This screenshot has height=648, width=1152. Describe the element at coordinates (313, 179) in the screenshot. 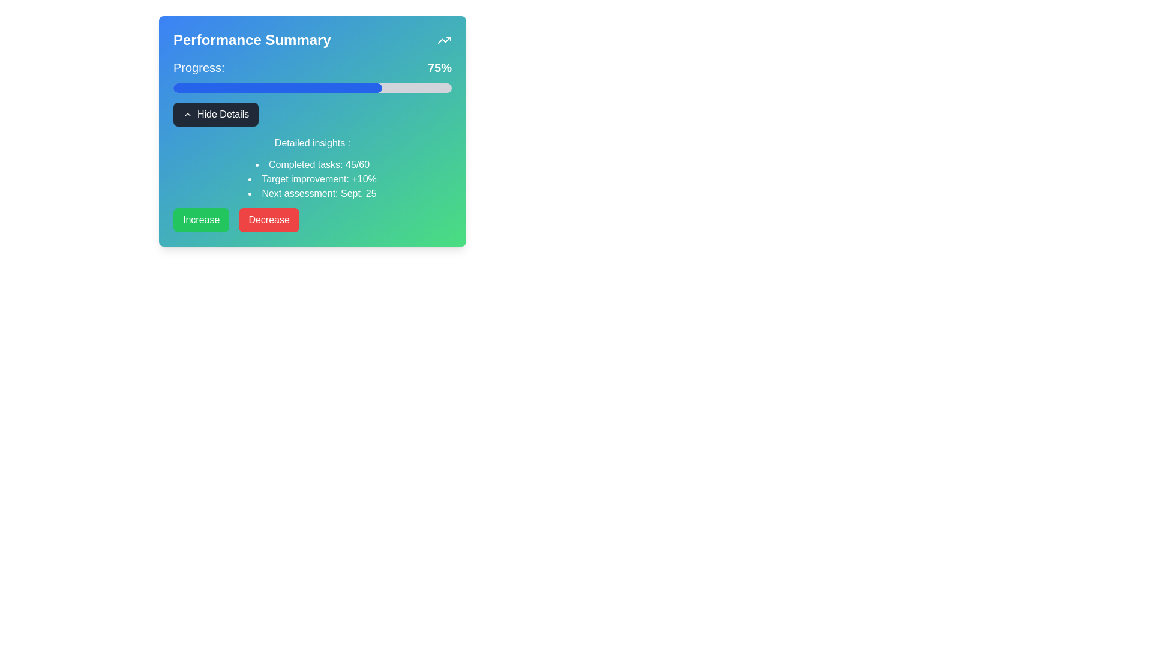

I see `text label that displays 'Target improvement: +10%' located in the Detailed insights section of the performance summary card, which is the second item in a bullet point list` at that location.